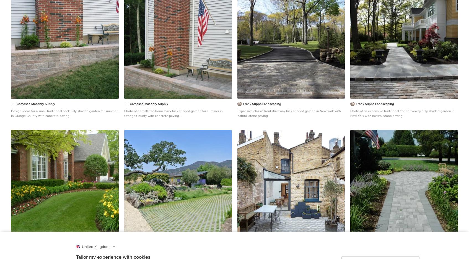  What do you see at coordinates (269, 254) in the screenshot?
I see `'Small traditional house exterior in London.'` at bounding box center [269, 254].